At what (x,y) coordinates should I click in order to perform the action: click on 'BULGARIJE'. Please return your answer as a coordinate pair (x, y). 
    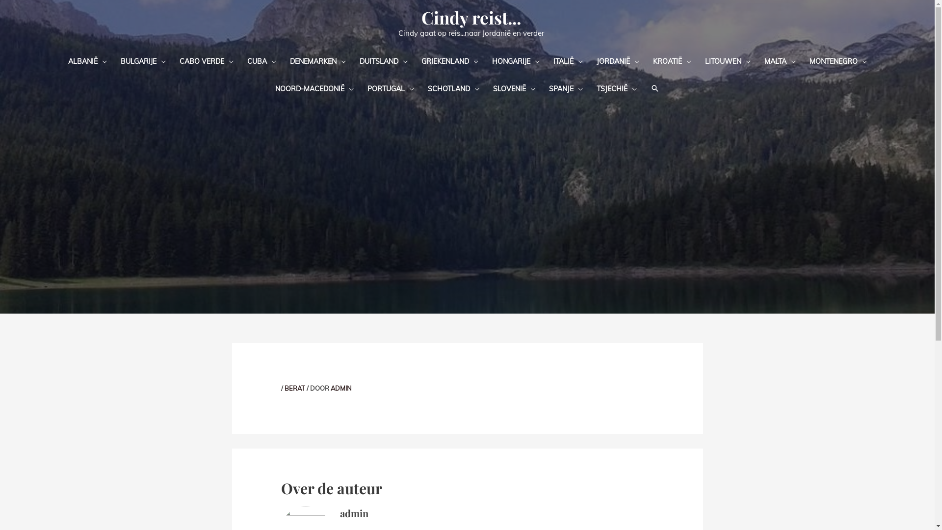
    Looking at the image, I should click on (143, 60).